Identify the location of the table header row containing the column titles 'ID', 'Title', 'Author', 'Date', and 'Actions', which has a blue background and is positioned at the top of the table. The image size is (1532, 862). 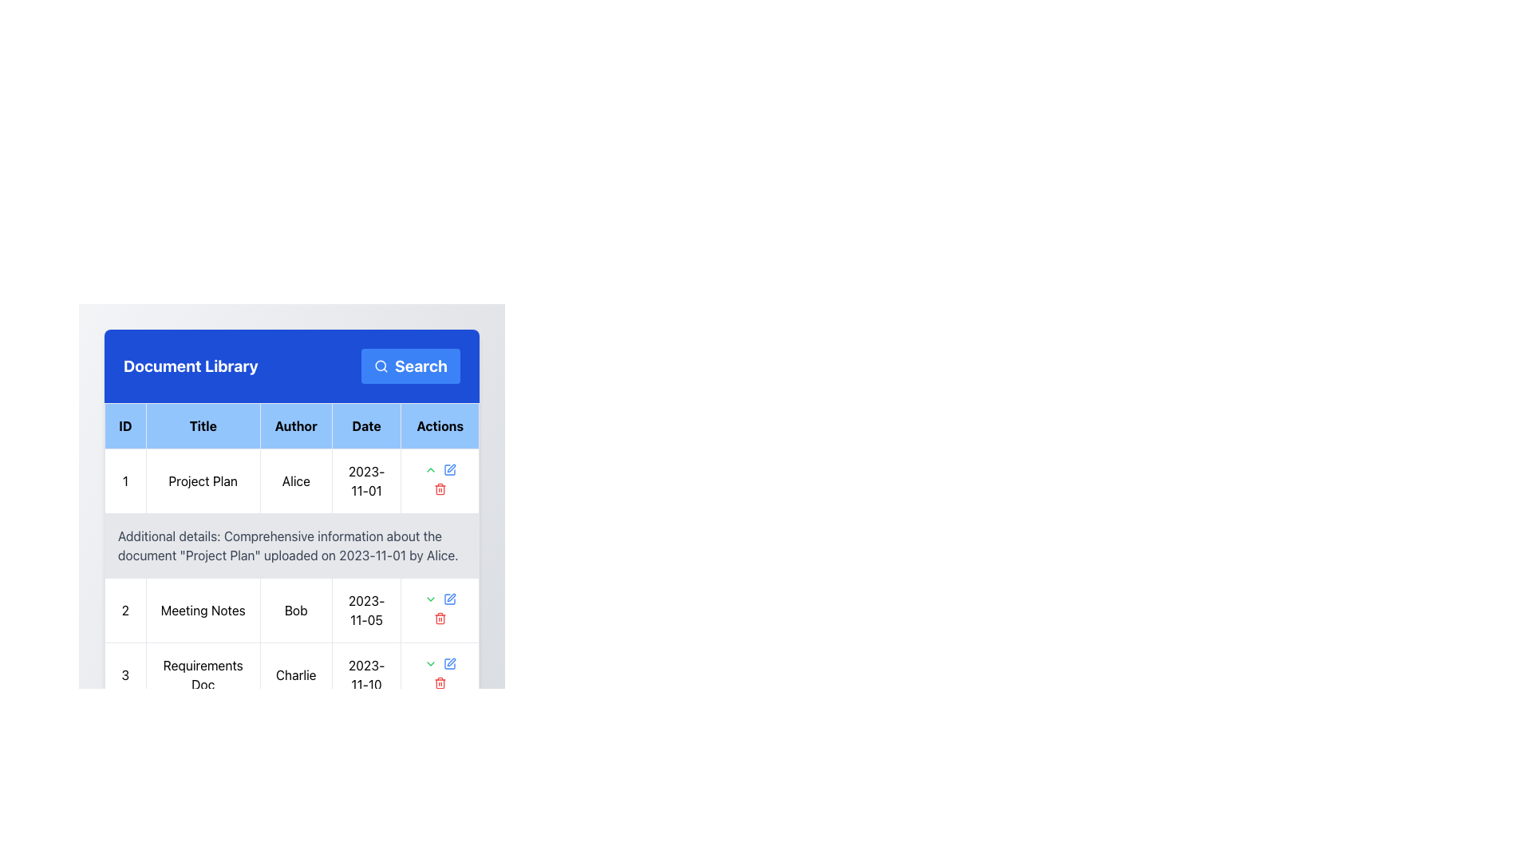
(291, 425).